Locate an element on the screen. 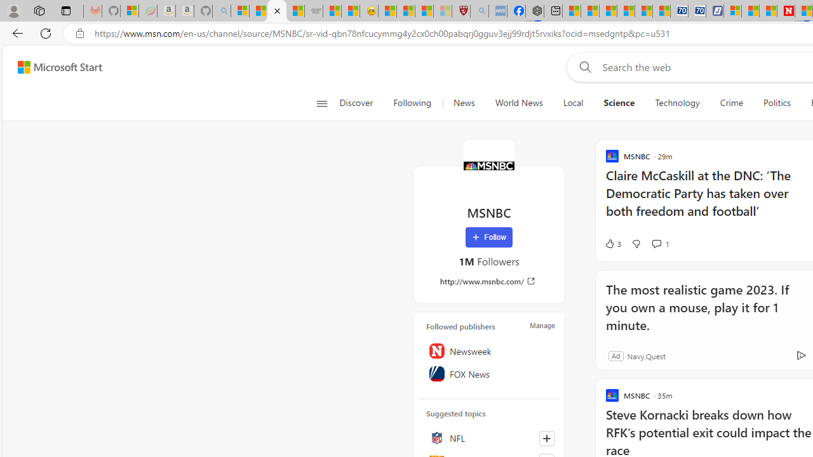 This screenshot has width=813, height=457. 'Follow this topic' is located at coordinates (546, 437).